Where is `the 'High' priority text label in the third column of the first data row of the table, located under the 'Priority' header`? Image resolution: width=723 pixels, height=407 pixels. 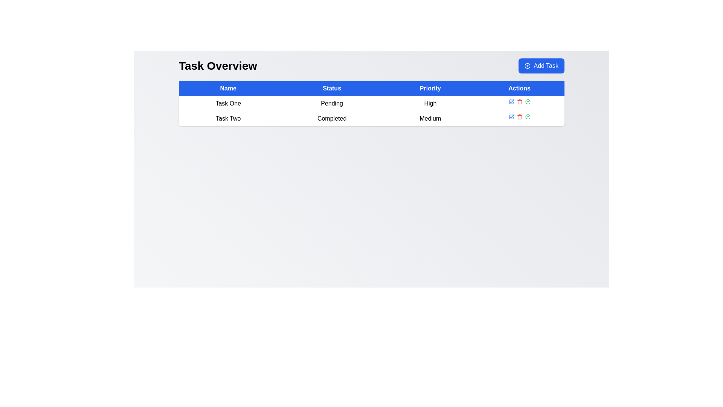 the 'High' priority text label in the third column of the first data row of the table, located under the 'Priority' header is located at coordinates (430, 103).